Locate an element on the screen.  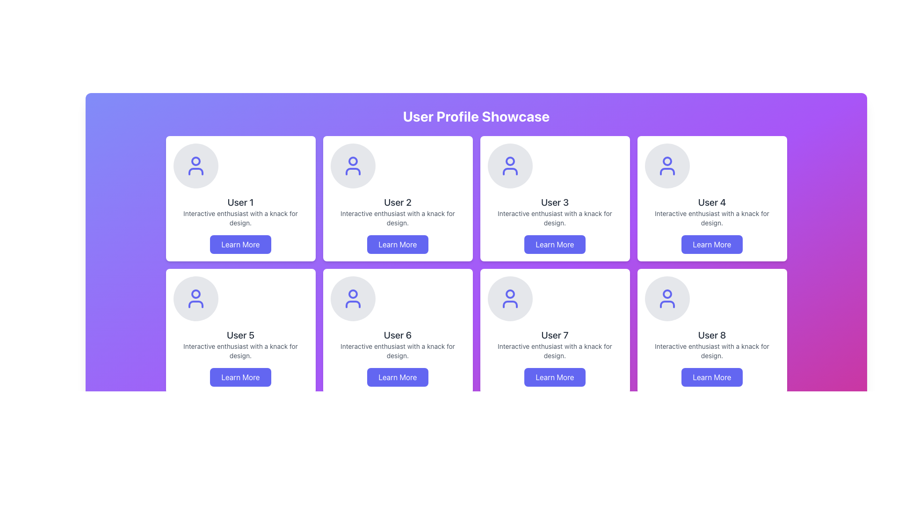
the button located at the bottom center of the 'User 3' card is located at coordinates (555, 244).